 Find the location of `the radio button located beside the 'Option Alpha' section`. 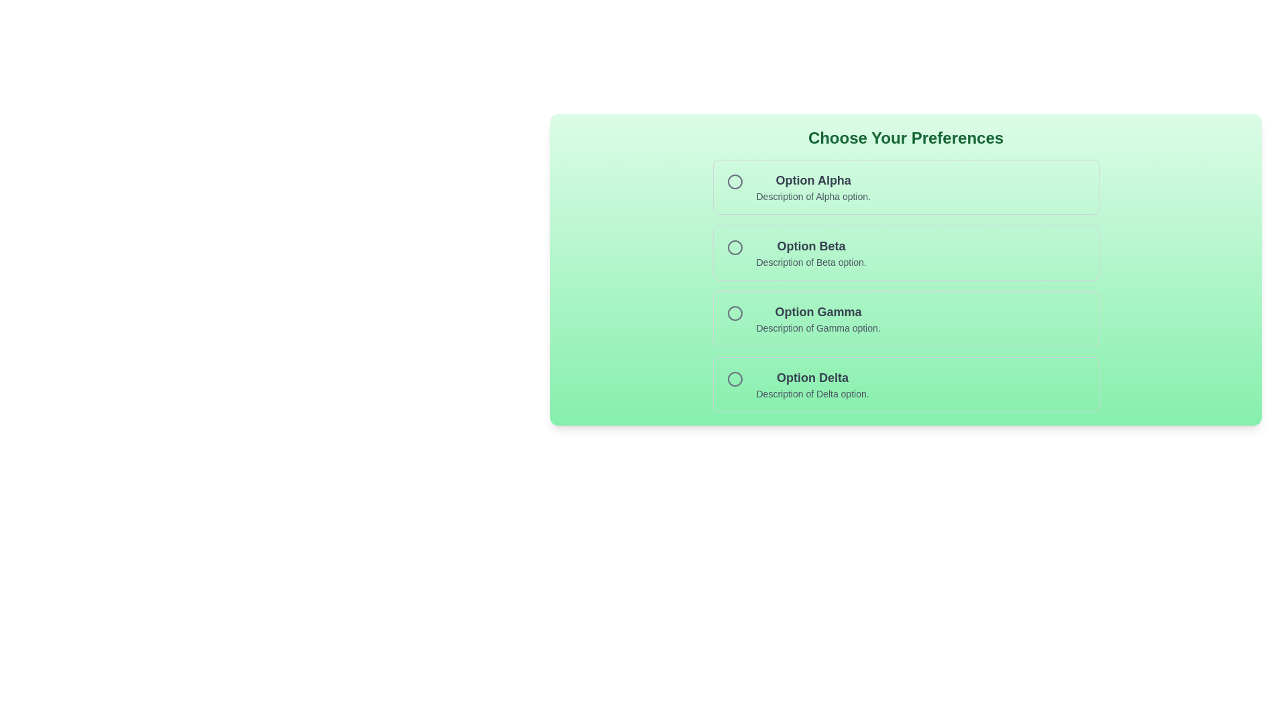

the radio button located beside the 'Option Alpha' section is located at coordinates (734, 181).